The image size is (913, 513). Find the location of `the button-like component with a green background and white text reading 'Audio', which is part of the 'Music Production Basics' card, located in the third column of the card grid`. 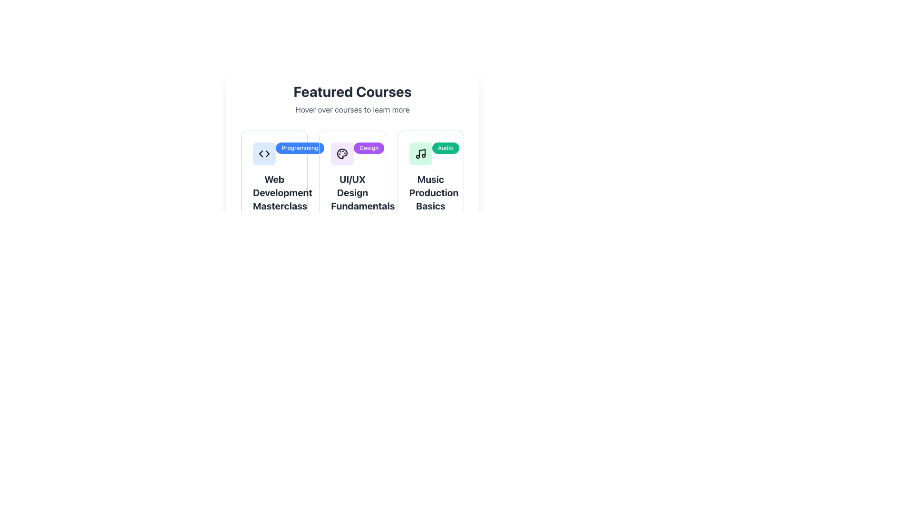

the button-like component with a green background and white text reading 'Audio', which is part of the 'Music Production Basics' card, located in the third column of the card grid is located at coordinates (445, 148).